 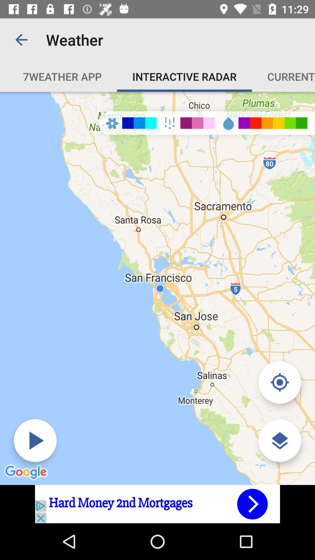 What do you see at coordinates (279, 382) in the screenshot?
I see `show your location` at bounding box center [279, 382].